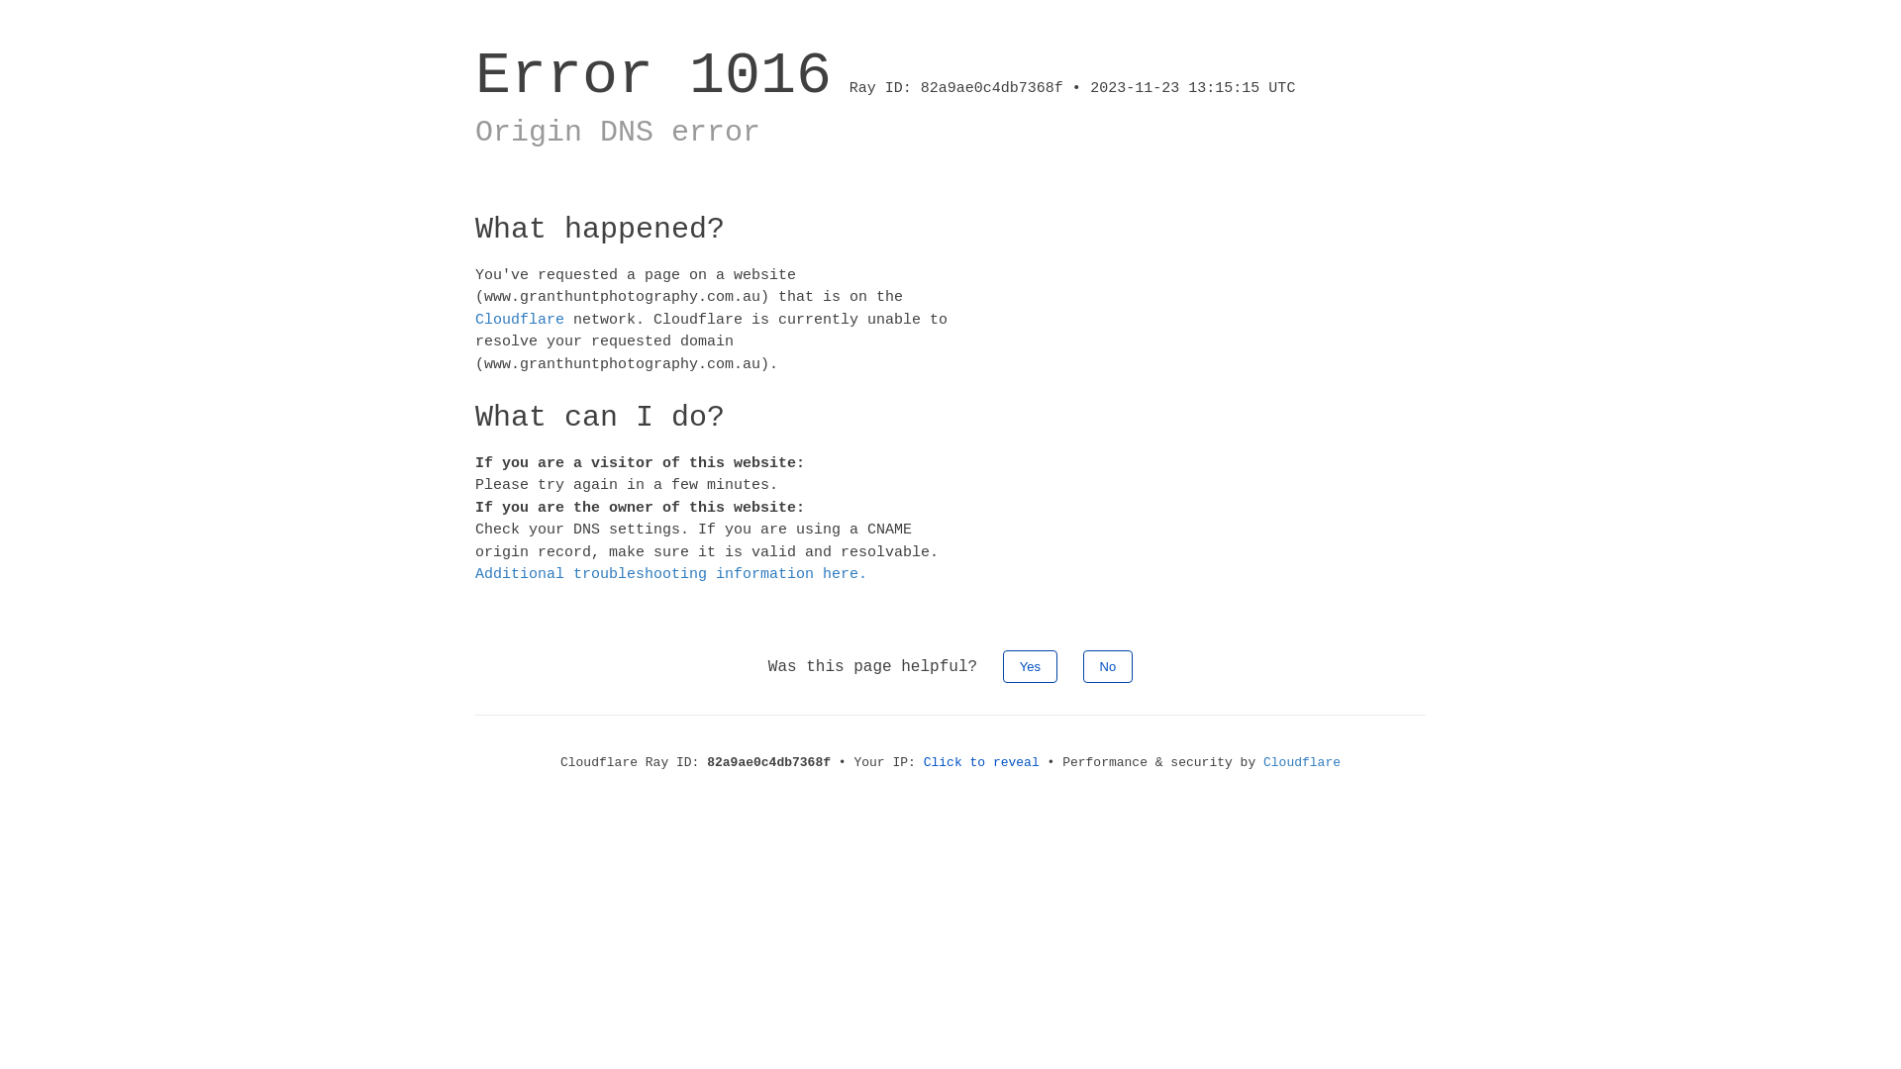 This screenshot has width=1901, height=1069. I want to click on 'Click to reveal', so click(981, 760).